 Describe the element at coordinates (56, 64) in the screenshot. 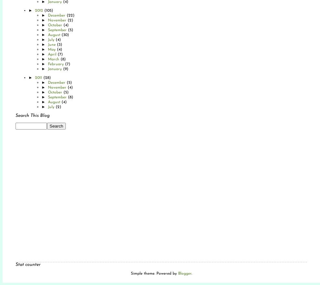

I see `'February'` at that location.